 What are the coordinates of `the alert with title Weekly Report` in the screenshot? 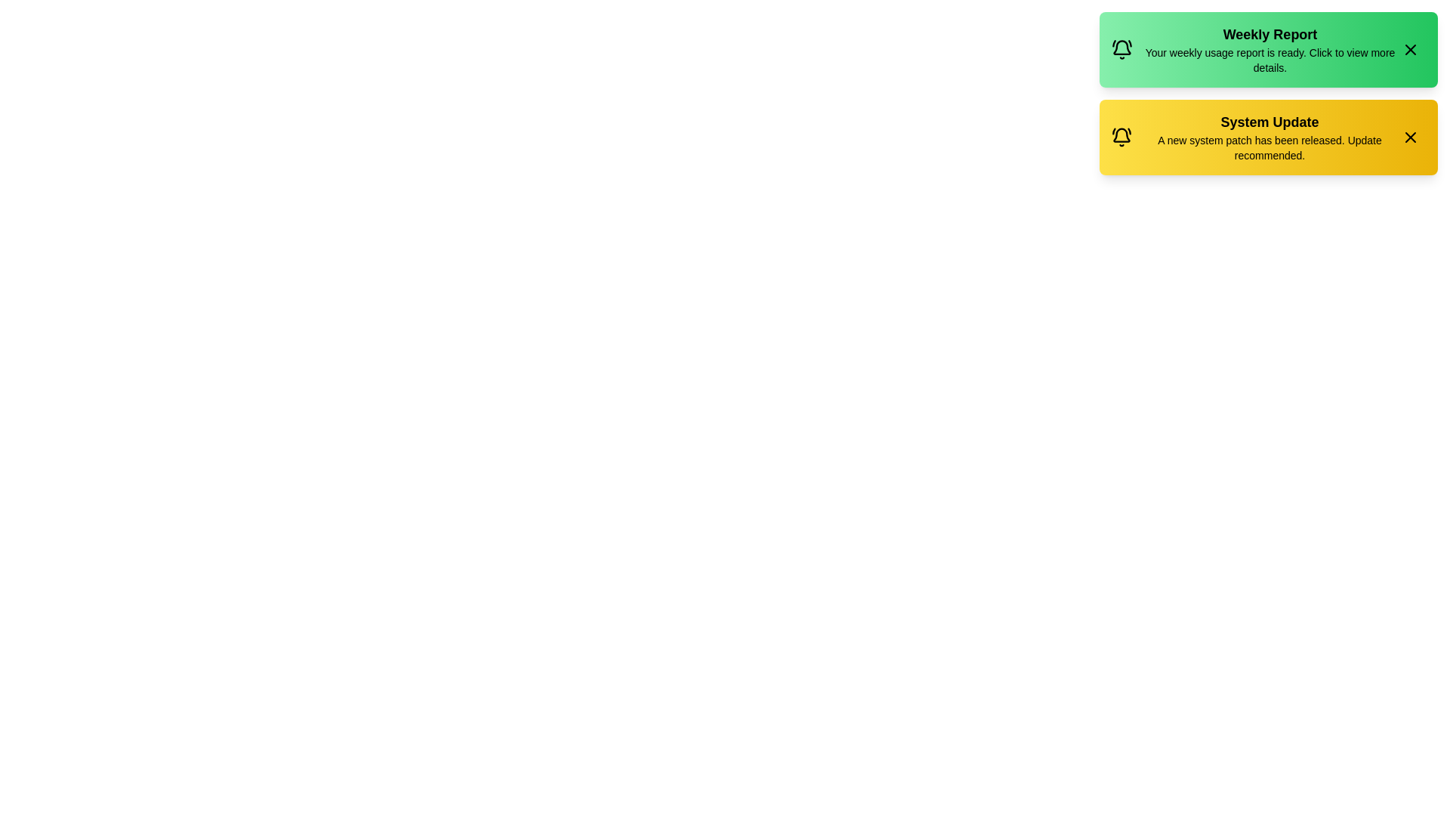 It's located at (1269, 48).